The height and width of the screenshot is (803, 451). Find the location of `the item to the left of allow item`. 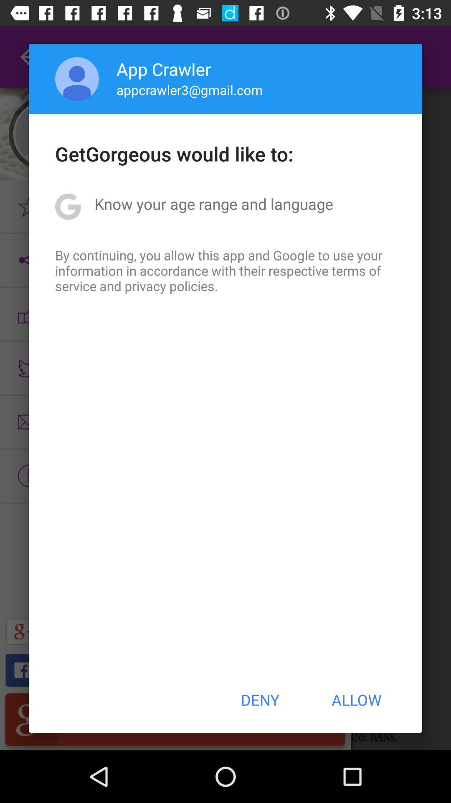

the item to the left of allow item is located at coordinates (259, 700).